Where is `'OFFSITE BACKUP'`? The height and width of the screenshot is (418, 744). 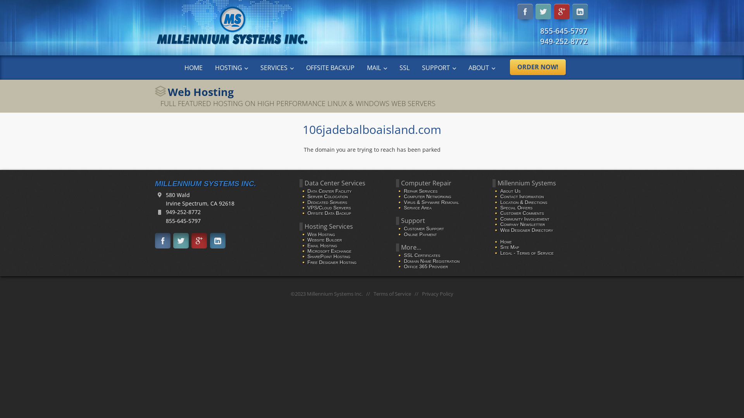 'OFFSITE BACKUP' is located at coordinates (330, 67).